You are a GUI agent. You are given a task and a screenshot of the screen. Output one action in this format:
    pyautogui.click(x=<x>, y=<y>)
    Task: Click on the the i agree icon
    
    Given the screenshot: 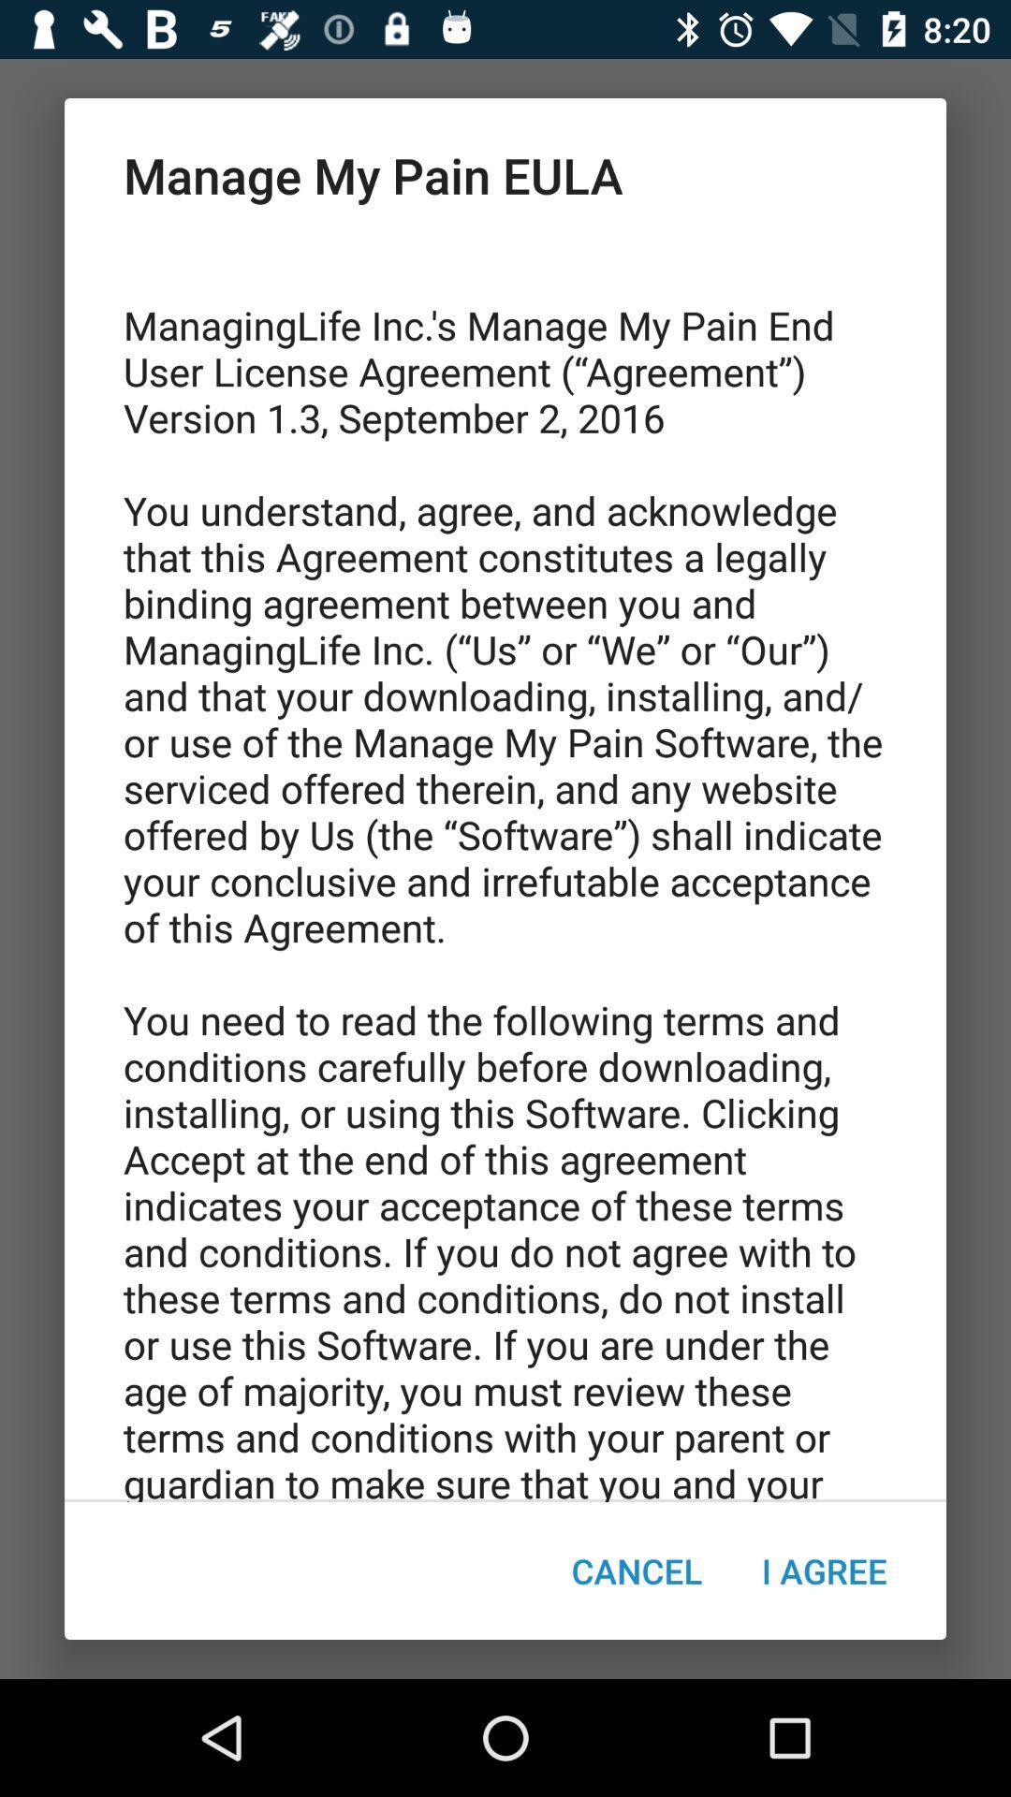 What is the action you would take?
    pyautogui.click(x=823, y=1571)
    